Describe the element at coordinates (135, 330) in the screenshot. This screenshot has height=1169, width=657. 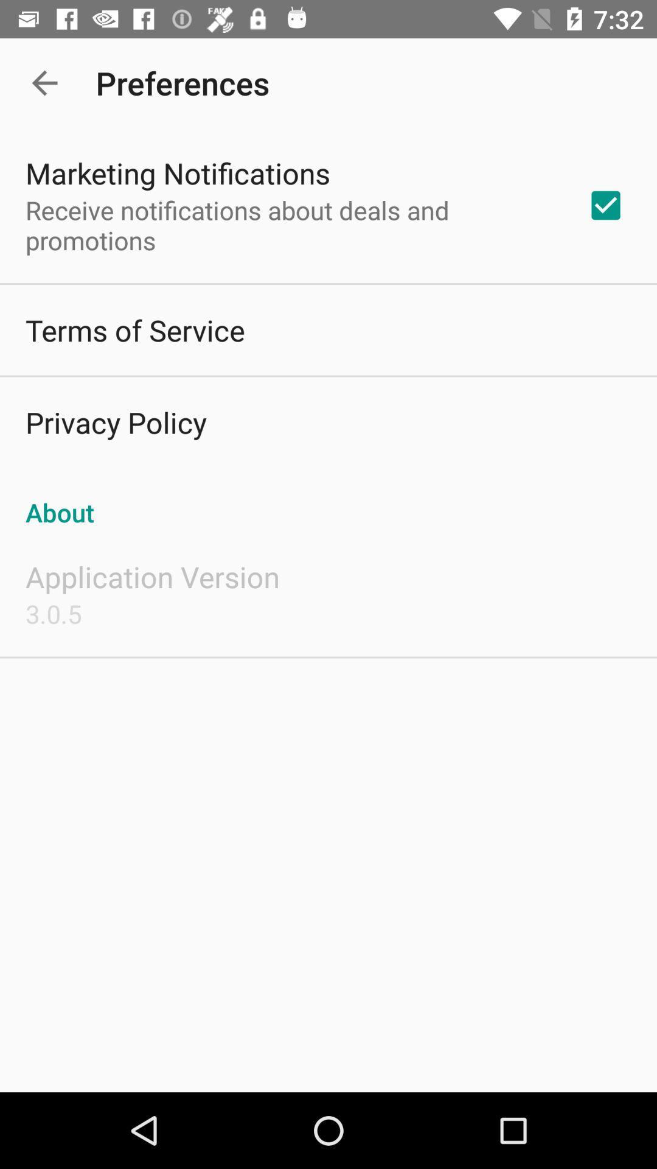
I see `the item above privacy policy` at that location.